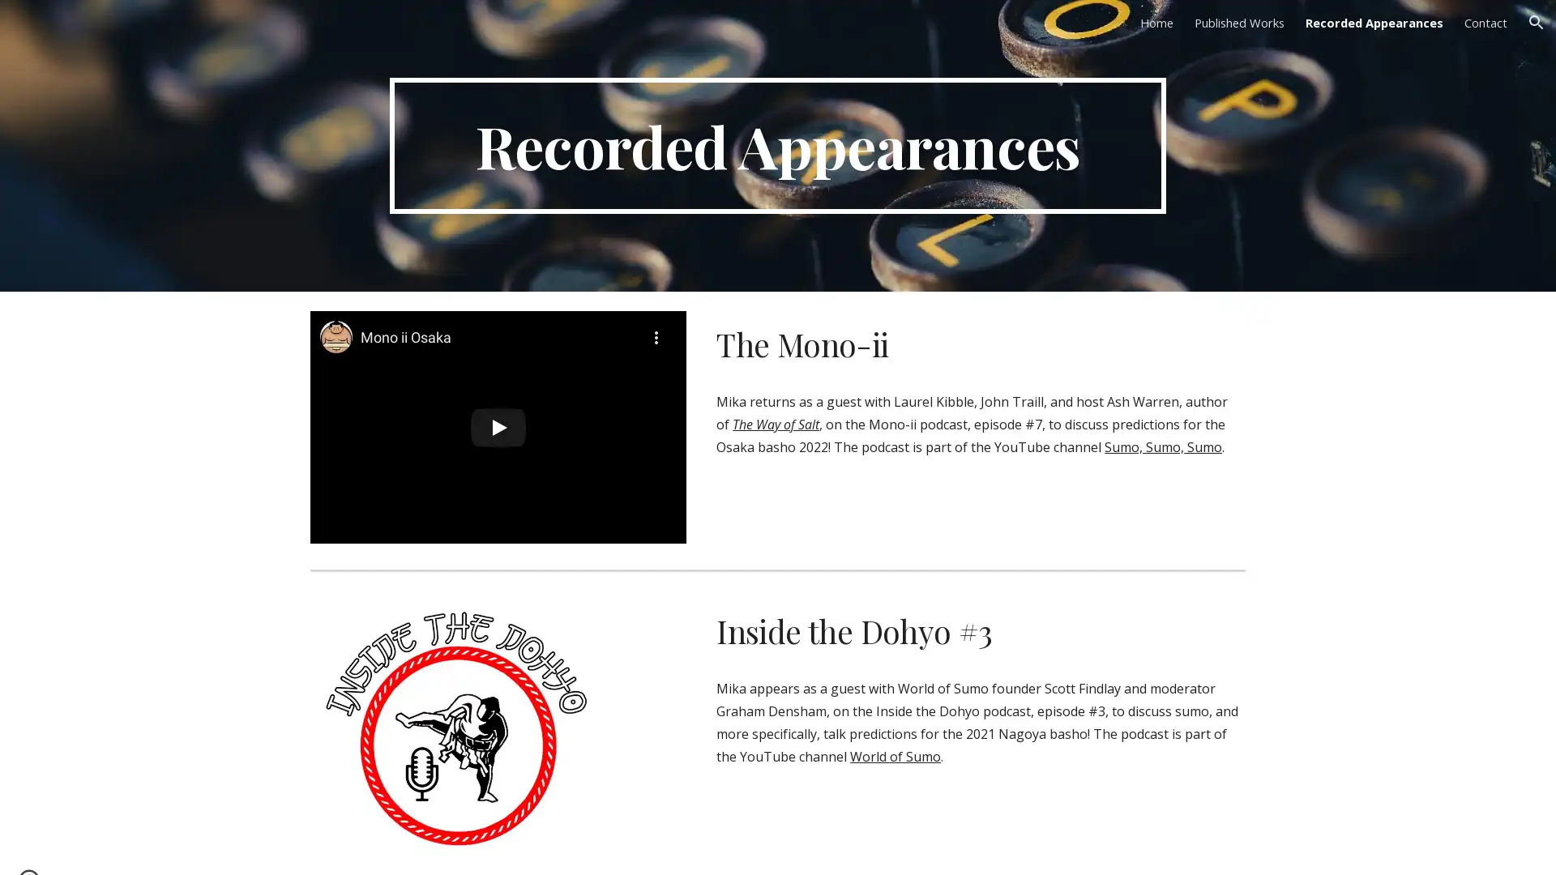  What do you see at coordinates (638, 30) in the screenshot?
I see `Skip to main content` at bounding box center [638, 30].